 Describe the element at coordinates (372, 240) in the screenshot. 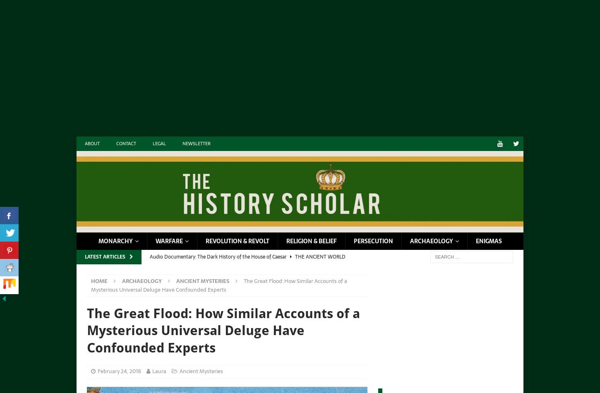

I see `'Persecution'` at that location.